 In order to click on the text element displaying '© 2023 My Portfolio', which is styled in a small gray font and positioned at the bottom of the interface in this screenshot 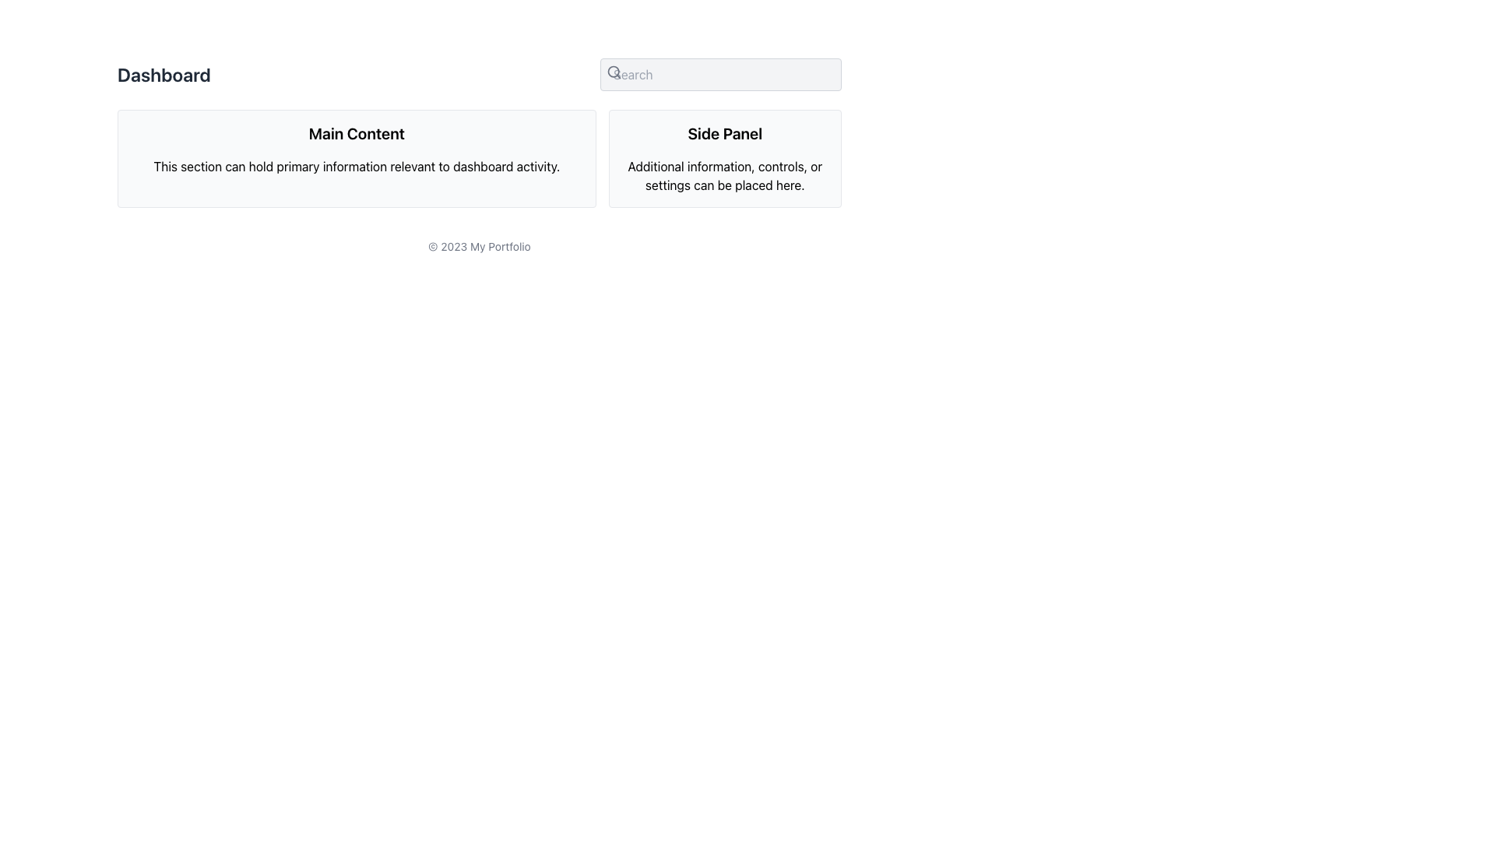, I will do `click(478, 245)`.